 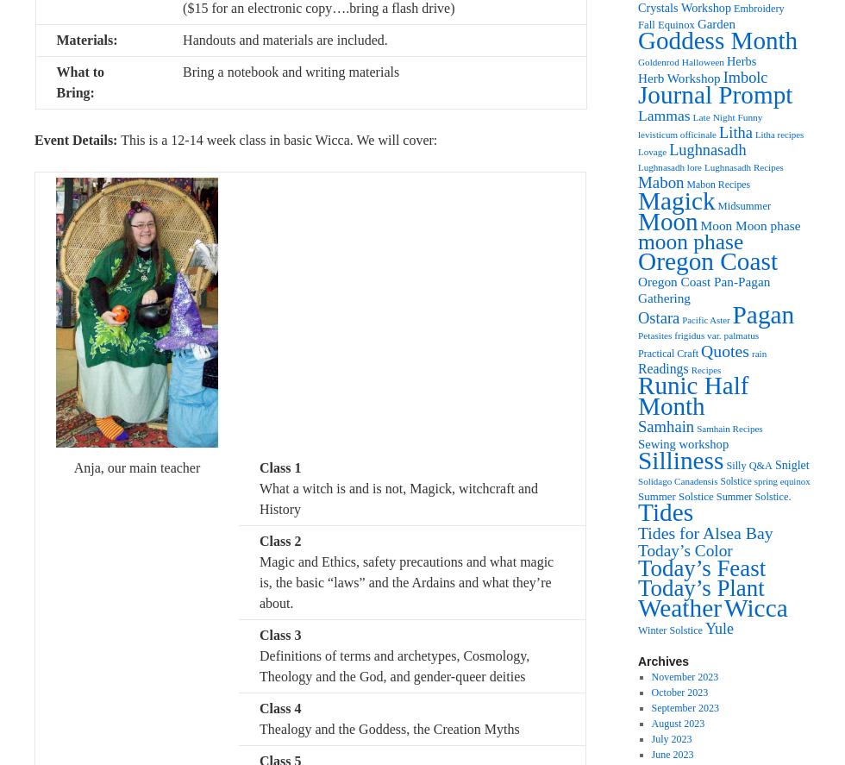 I want to click on 'Recipes', so click(x=690, y=370).